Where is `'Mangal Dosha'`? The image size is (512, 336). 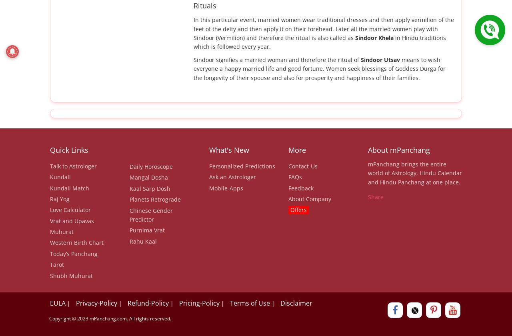 'Mangal Dosha' is located at coordinates (148, 177).